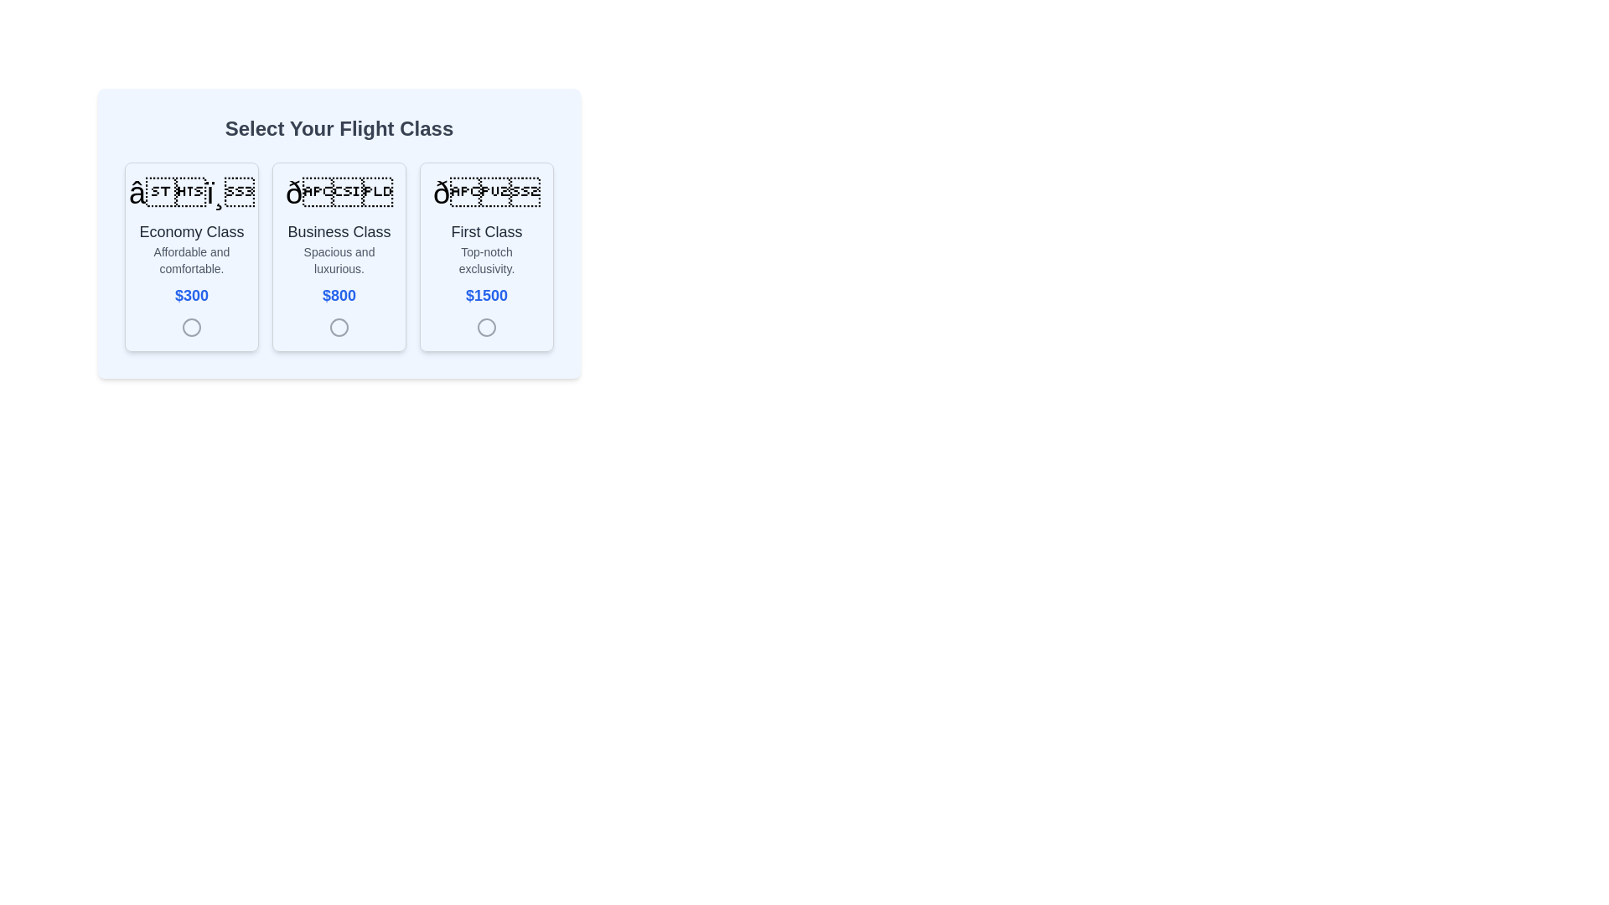  What do you see at coordinates (485, 327) in the screenshot?
I see `the circle-shaped radio button indicator located at the bottom-right of the 'First Class' card` at bounding box center [485, 327].